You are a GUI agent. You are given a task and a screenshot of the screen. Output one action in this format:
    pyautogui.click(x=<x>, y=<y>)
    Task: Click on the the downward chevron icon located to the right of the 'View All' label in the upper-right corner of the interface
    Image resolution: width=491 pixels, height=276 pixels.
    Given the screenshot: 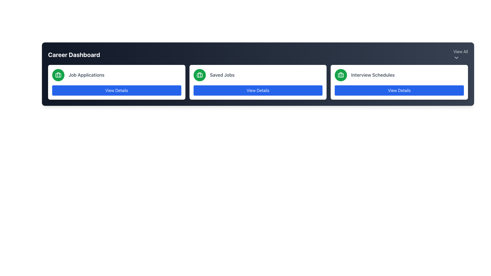 What is the action you would take?
    pyautogui.click(x=456, y=57)
    